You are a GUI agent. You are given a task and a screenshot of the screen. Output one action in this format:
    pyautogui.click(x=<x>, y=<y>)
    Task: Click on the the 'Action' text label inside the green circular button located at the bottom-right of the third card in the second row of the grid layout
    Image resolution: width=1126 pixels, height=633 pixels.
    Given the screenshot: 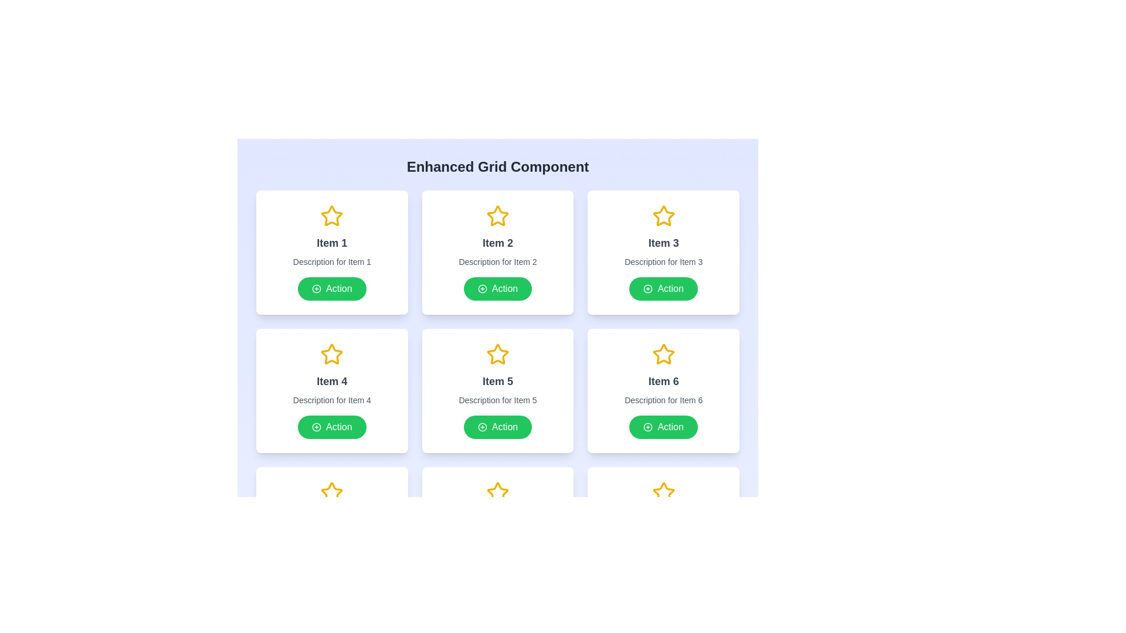 What is the action you would take?
    pyautogui.click(x=670, y=289)
    